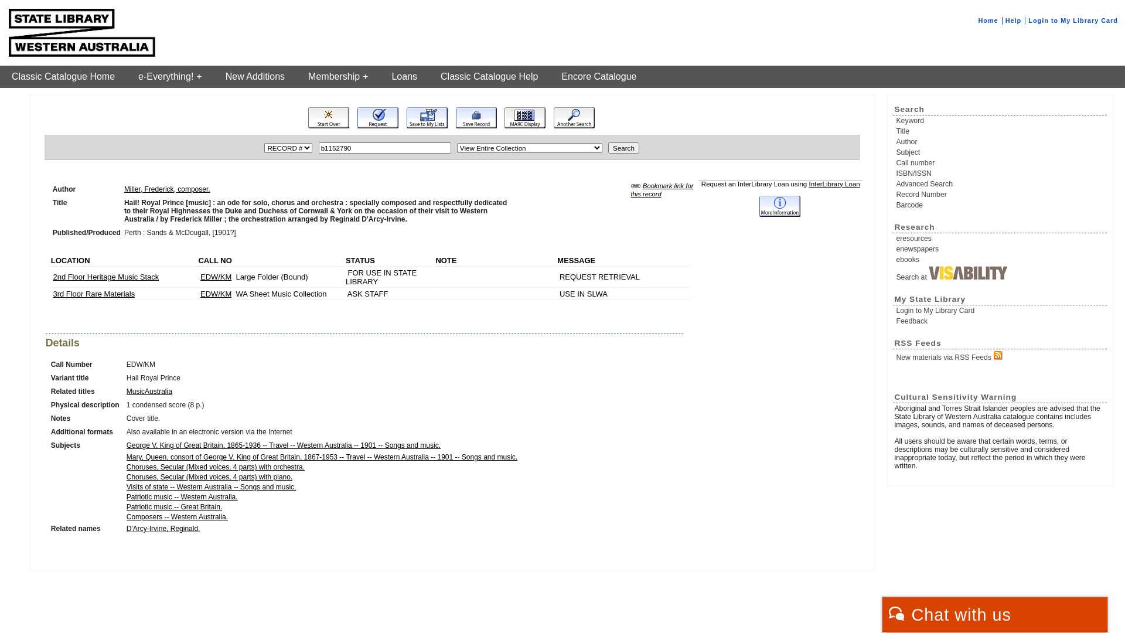 The image size is (1125, 633). I want to click on 'Classic Catalogue Help', so click(489, 77).